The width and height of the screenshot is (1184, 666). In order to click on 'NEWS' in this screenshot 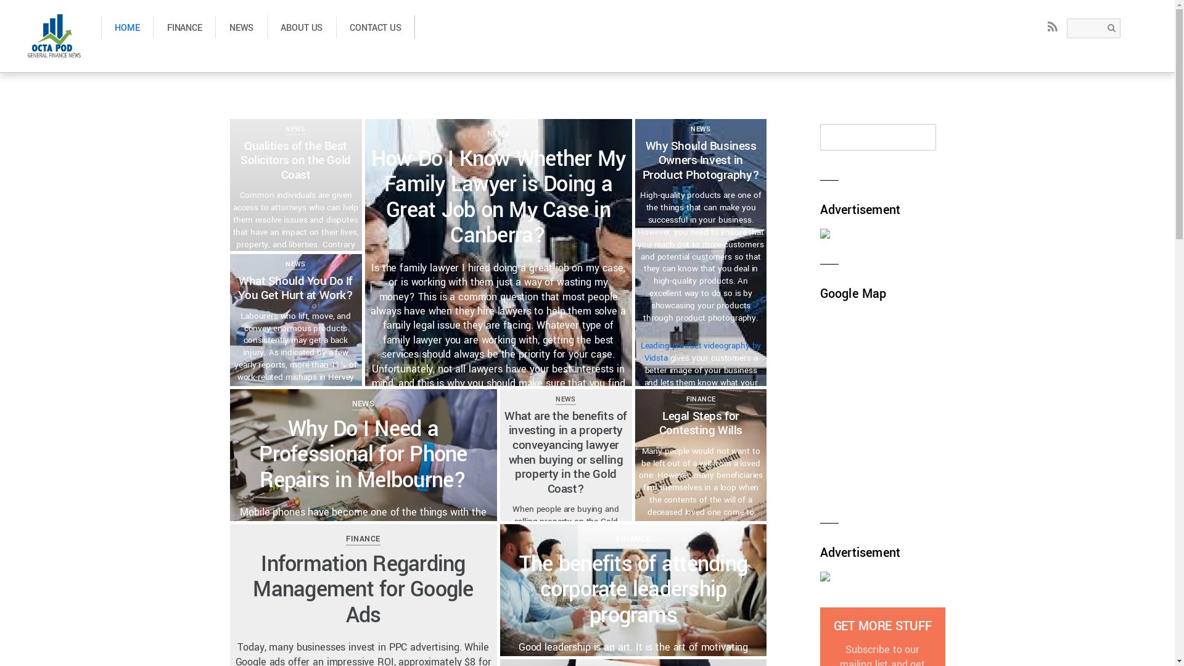, I will do `click(295, 263)`.